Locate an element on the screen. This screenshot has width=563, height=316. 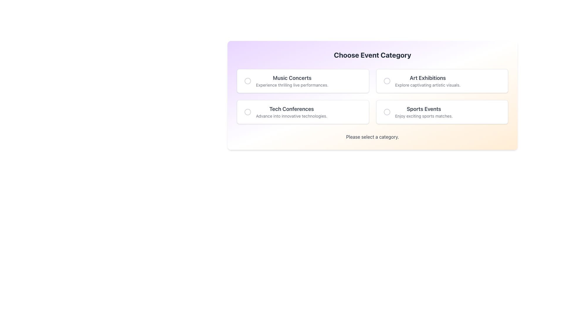
informational text label located below the 'Music Concerts' title in the top-left card of the event category grid is located at coordinates (292, 85).